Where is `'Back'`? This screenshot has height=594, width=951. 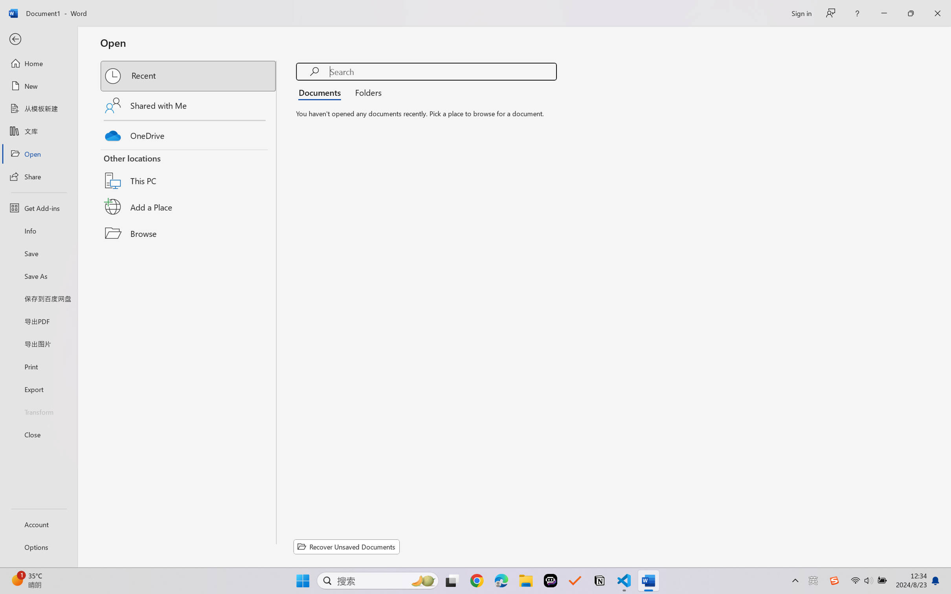 'Back' is located at coordinates (38, 39).